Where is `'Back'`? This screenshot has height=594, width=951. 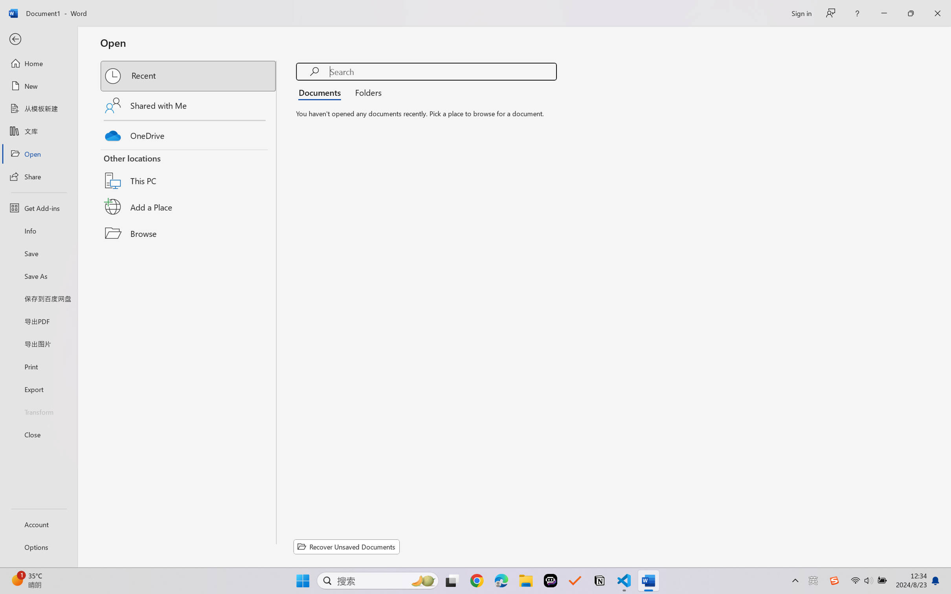 'Back' is located at coordinates (38, 39).